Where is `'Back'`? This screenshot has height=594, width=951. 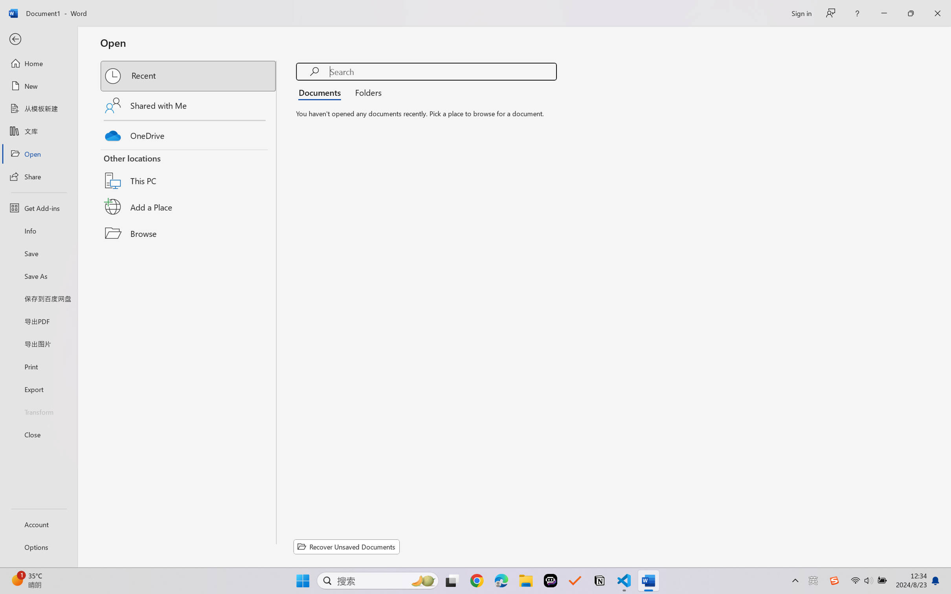 'Back' is located at coordinates (38, 39).